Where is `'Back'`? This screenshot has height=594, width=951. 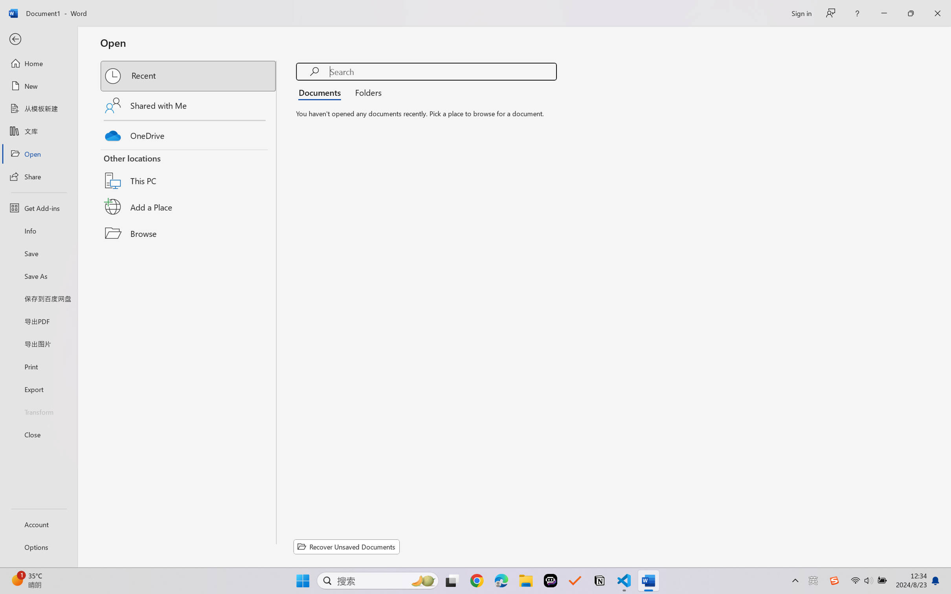 'Back' is located at coordinates (38, 39).